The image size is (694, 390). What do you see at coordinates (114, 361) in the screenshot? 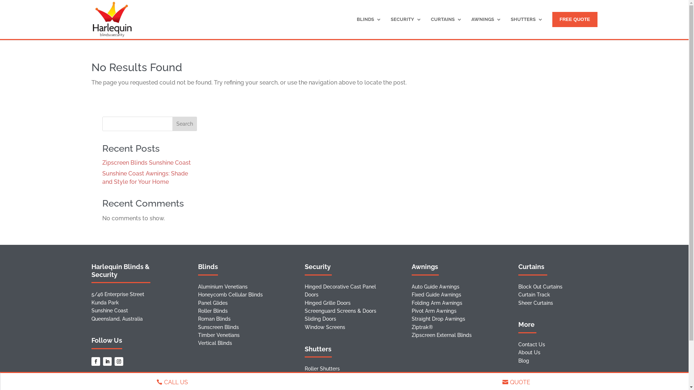
I see `'Follow on Instagram'` at bounding box center [114, 361].